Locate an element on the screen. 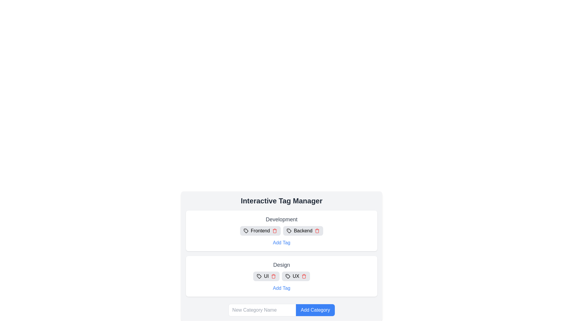 The image size is (574, 323). the icon representing tags or categorization located under the 'UX' label in the 'Design' category, positioned before the adjacent text elements and red delete icon is located at coordinates (288, 276).